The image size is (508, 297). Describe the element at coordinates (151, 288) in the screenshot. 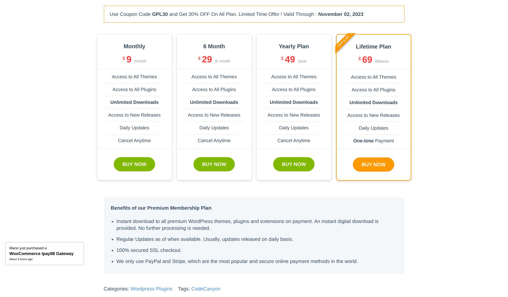

I see `'Wordpress Plugins'` at that location.